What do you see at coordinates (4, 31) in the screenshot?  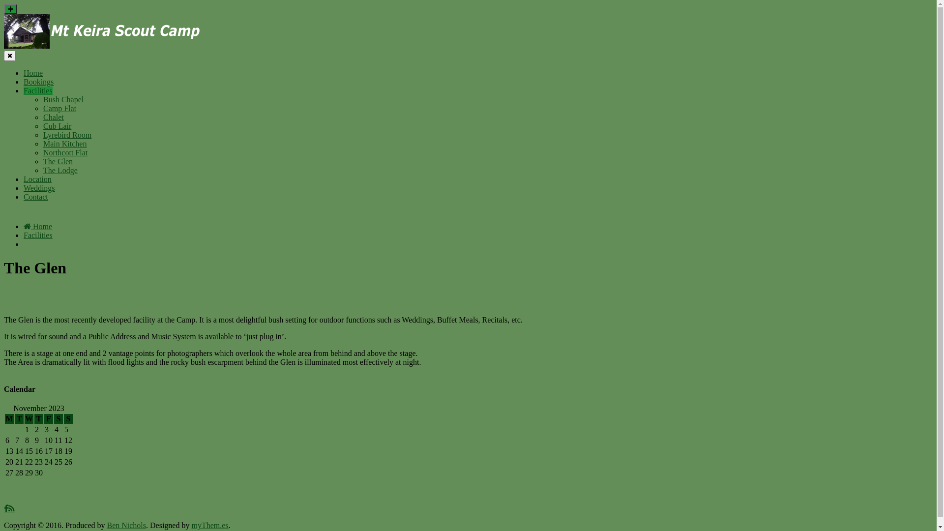 I see `'Mt Keira Scout Camp - SC&T Region Scouts'` at bounding box center [4, 31].